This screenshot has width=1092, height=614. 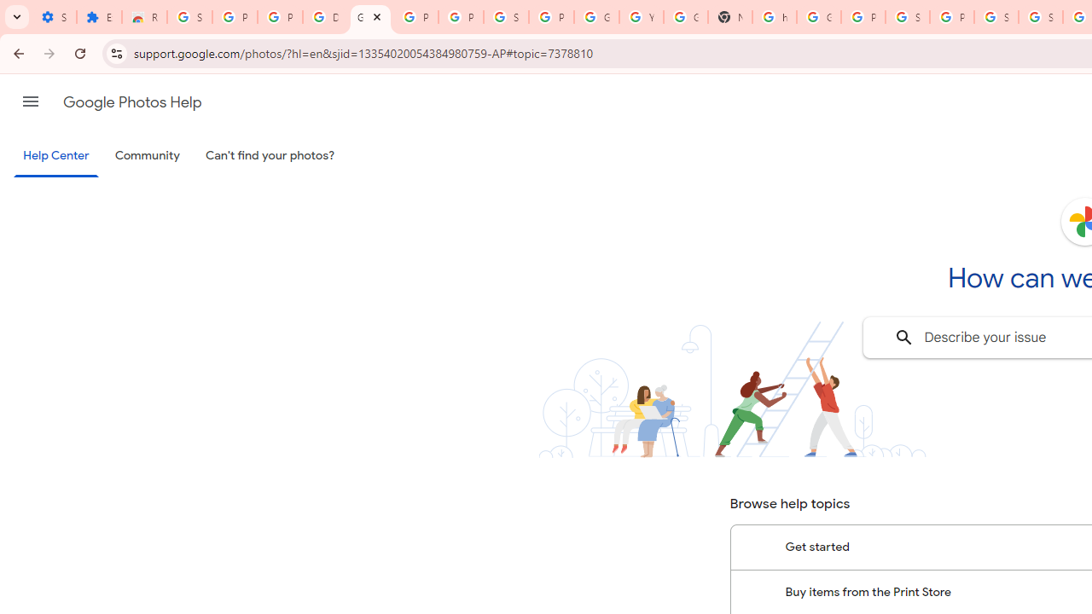 What do you see at coordinates (729, 17) in the screenshot?
I see `'New Tab'` at bounding box center [729, 17].